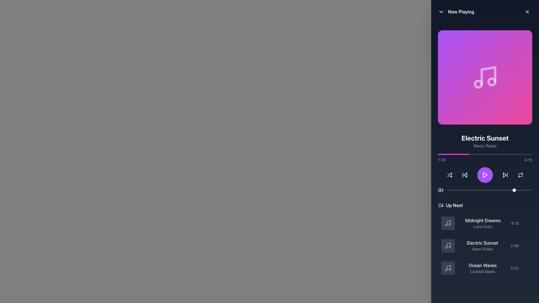  What do you see at coordinates (448, 223) in the screenshot?
I see `the first icon in the 'Up Next' list, which serves as a thumbnail for the audio track 'Midnight Dreams'` at bounding box center [448, 223].